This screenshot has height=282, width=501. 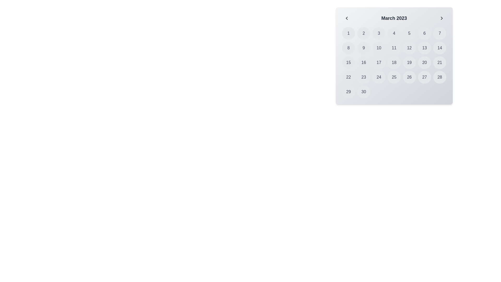 What do you see at coordinates (394, 77) in the screenshot?
I see `the button representing the 25th day of March 2023 on the calendar` at bounding box center [394, 77].